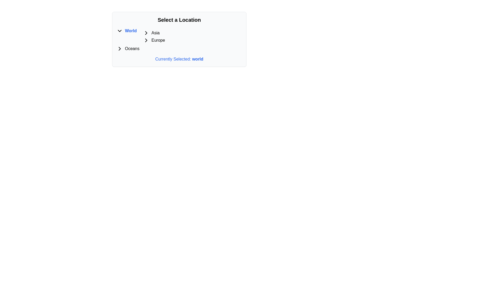  I want to click on the 'Asia' clickable text label, so click(154, 33).